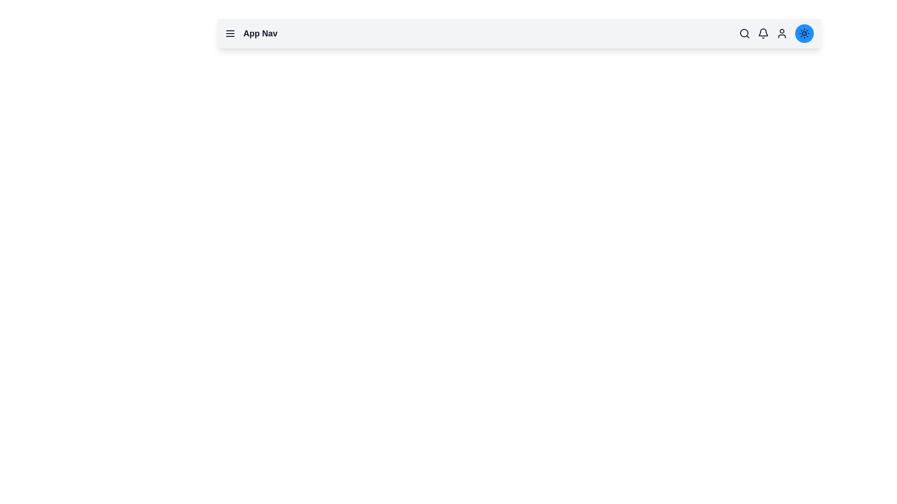 The image size is (897, 504). I want to click on the menu icon to toggle the menu visibility, so click(230, 33).